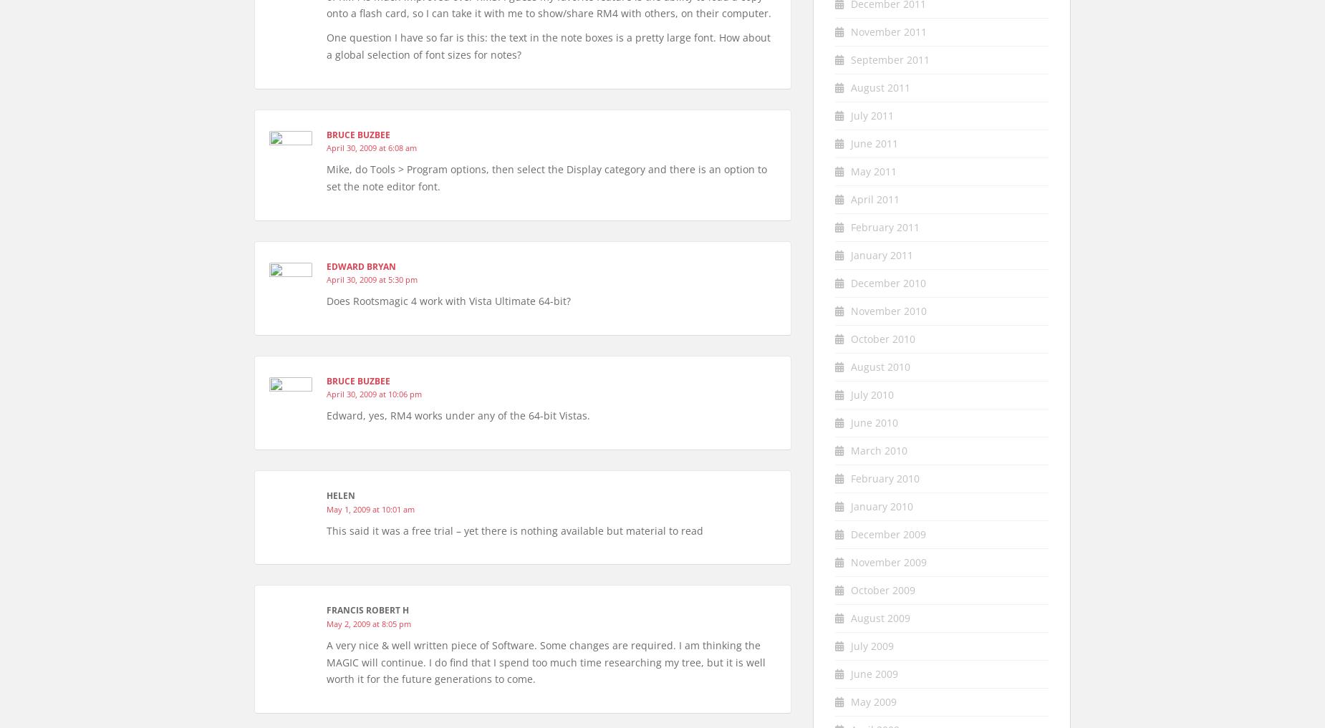  I want to click on 'August 2011', so click(880, 86).